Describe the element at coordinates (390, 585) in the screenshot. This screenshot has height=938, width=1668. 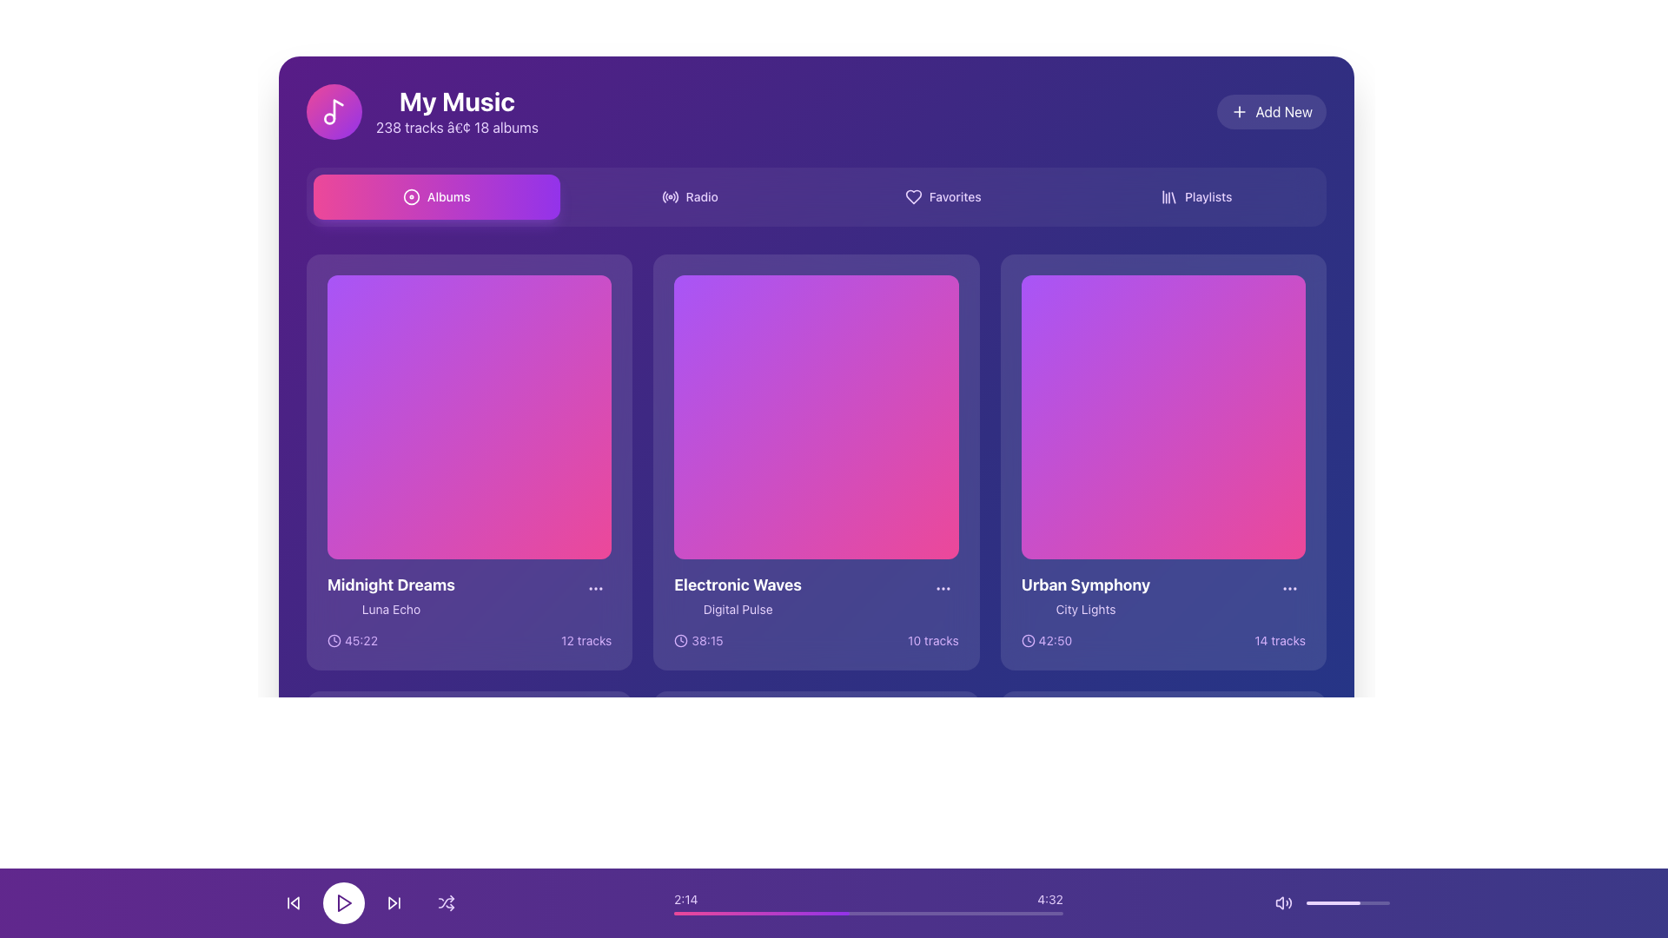
I see `text of the Title element located in the lower section of the first card in a grid layout, positioned above the text 'Luna Echo'` at that location.